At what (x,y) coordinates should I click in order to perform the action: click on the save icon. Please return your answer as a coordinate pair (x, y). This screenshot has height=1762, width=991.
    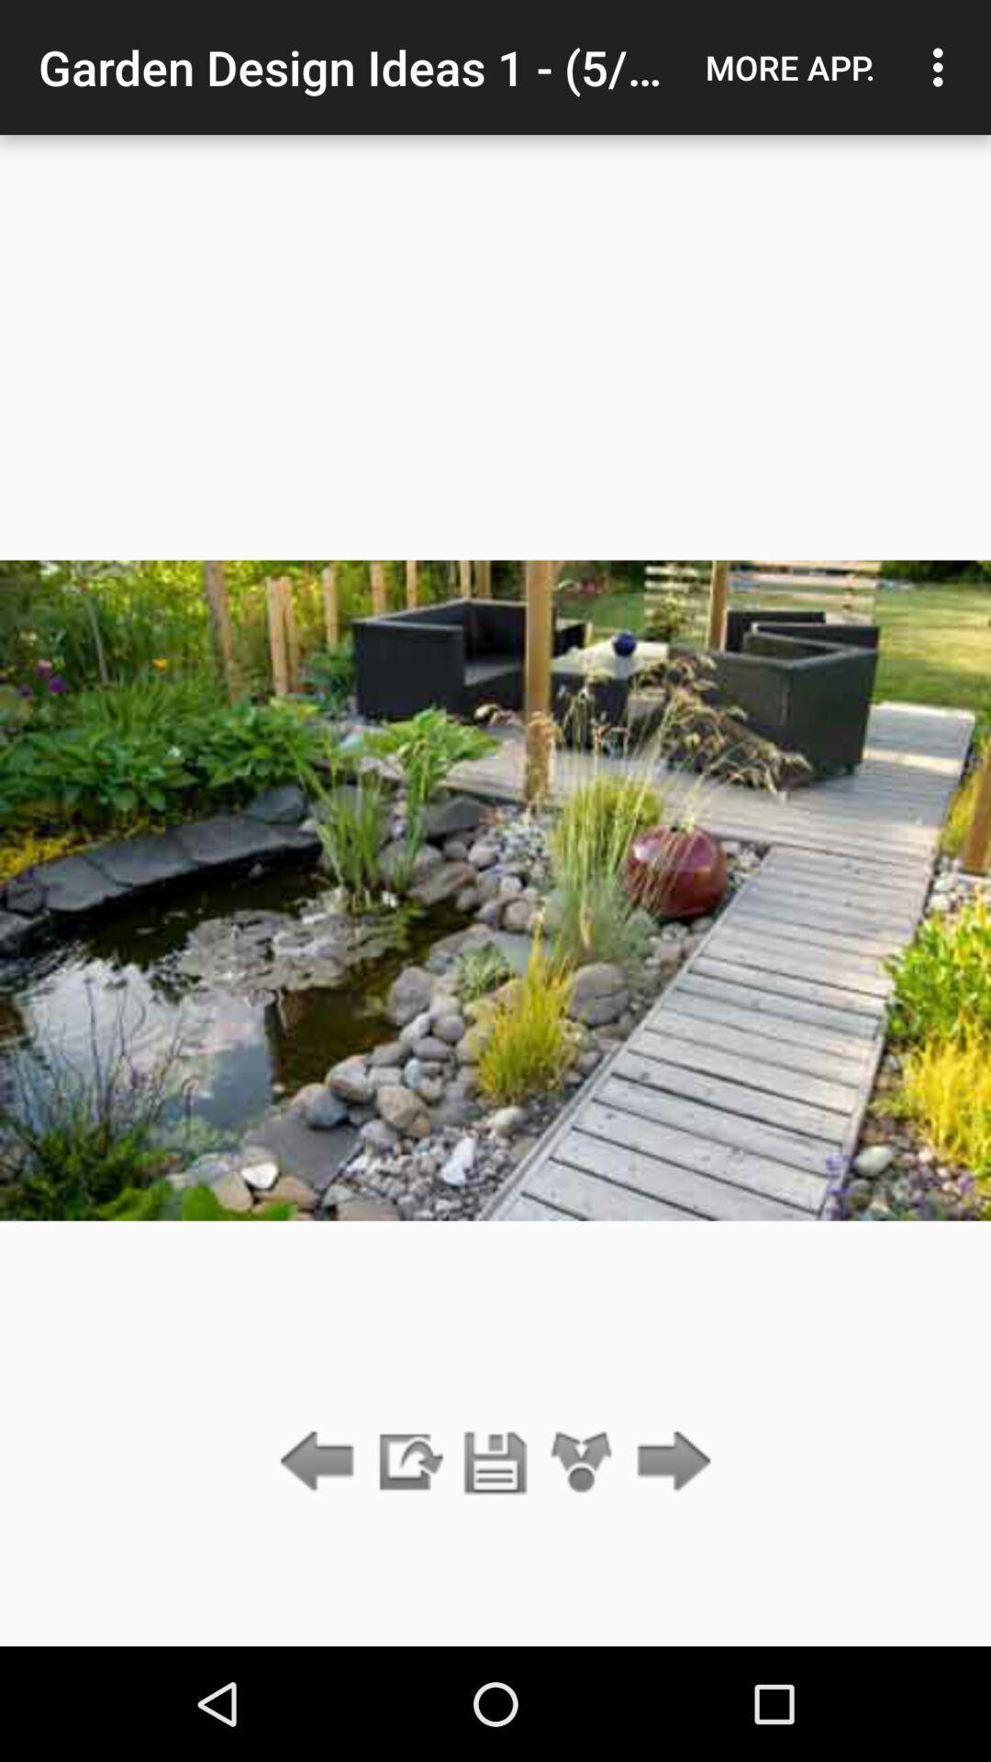
    Looking at the image, I should click on (495, 1462).